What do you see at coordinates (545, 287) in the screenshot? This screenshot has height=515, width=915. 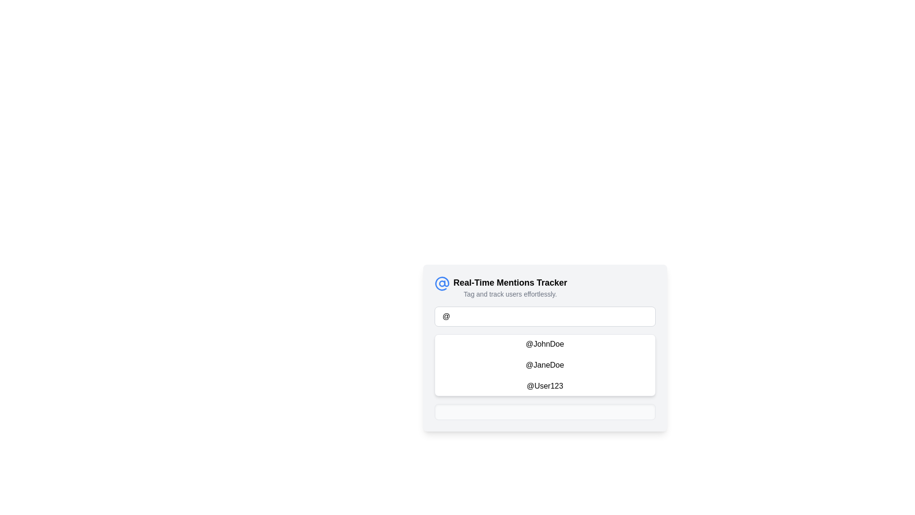 I see `the text block titled 'Real-Time Mentions Tracker' that is bold and followed by a smaller descriptive text, which is located above a text field placeholder` at bounding box center [545, 287].